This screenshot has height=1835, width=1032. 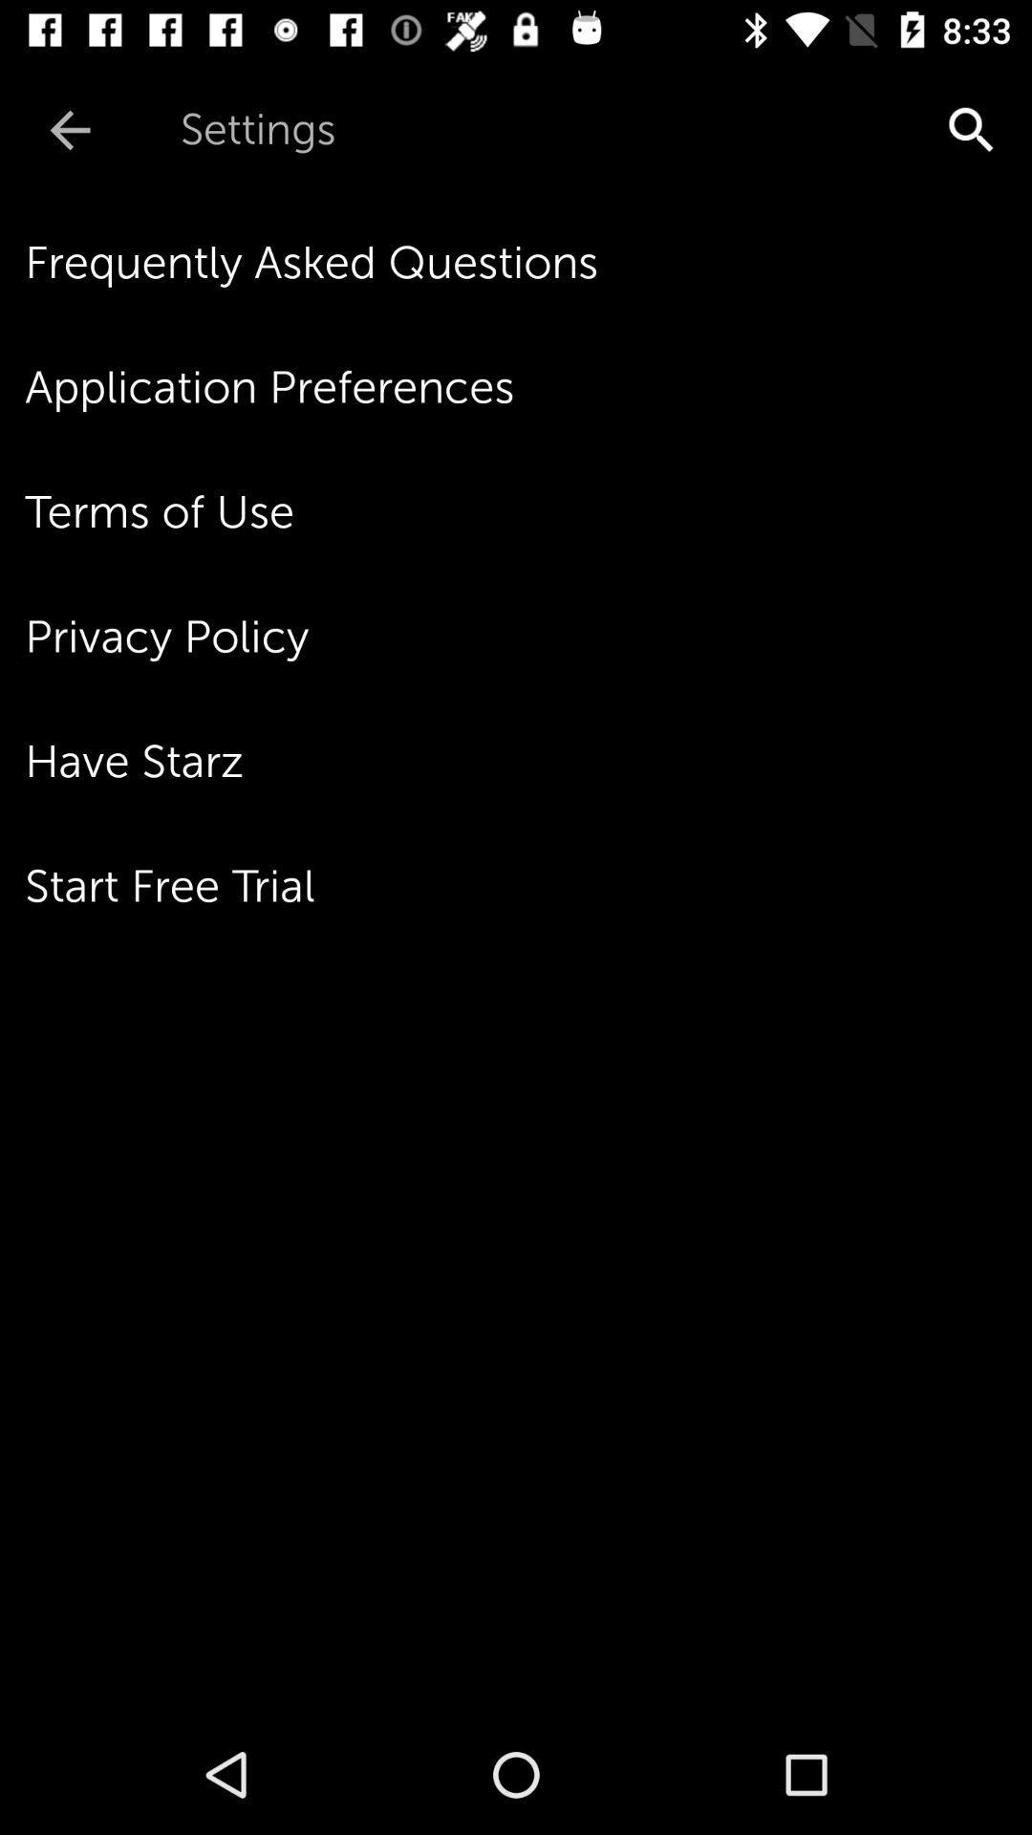 I want to click on item above the privacy policy item, so click(x=528, y=512).